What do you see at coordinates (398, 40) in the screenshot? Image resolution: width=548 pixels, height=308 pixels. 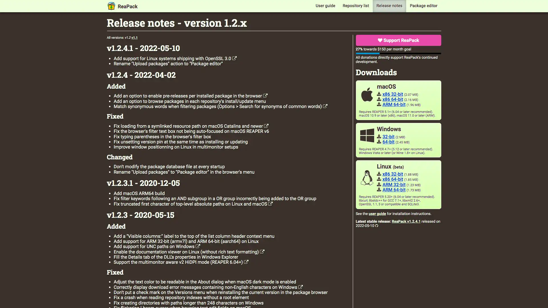 I see `Support ReaPack` at bounding box center [398, 40].